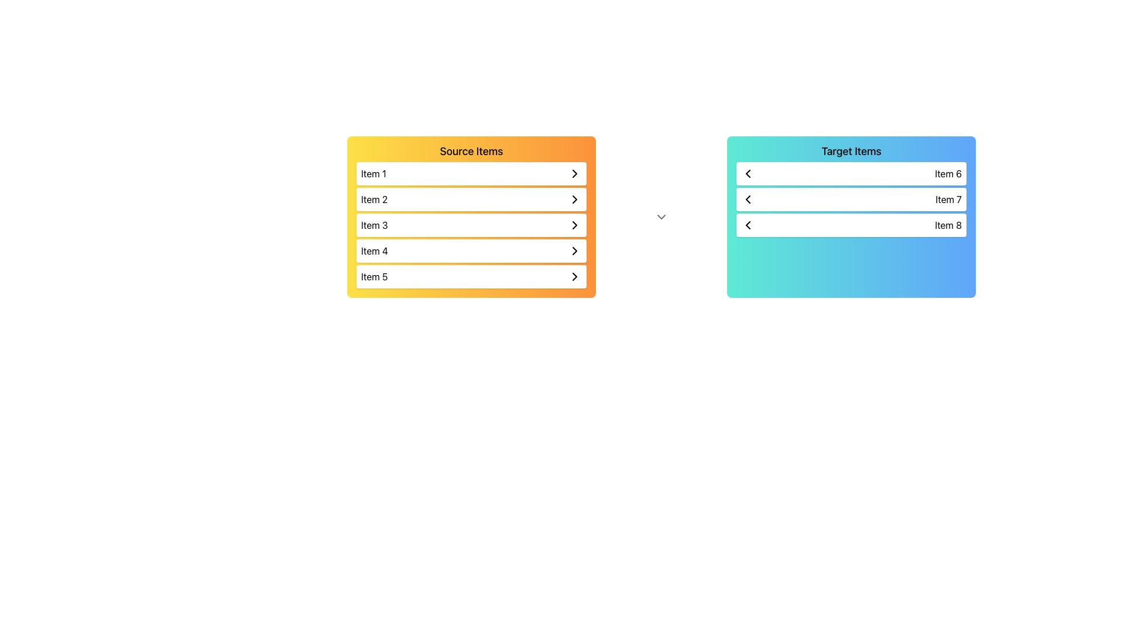  I want to click on the interactive list item representing 'Item 7', which is the second item in the vertically stacked list within the 'Target Items' box, so click(851, 198).